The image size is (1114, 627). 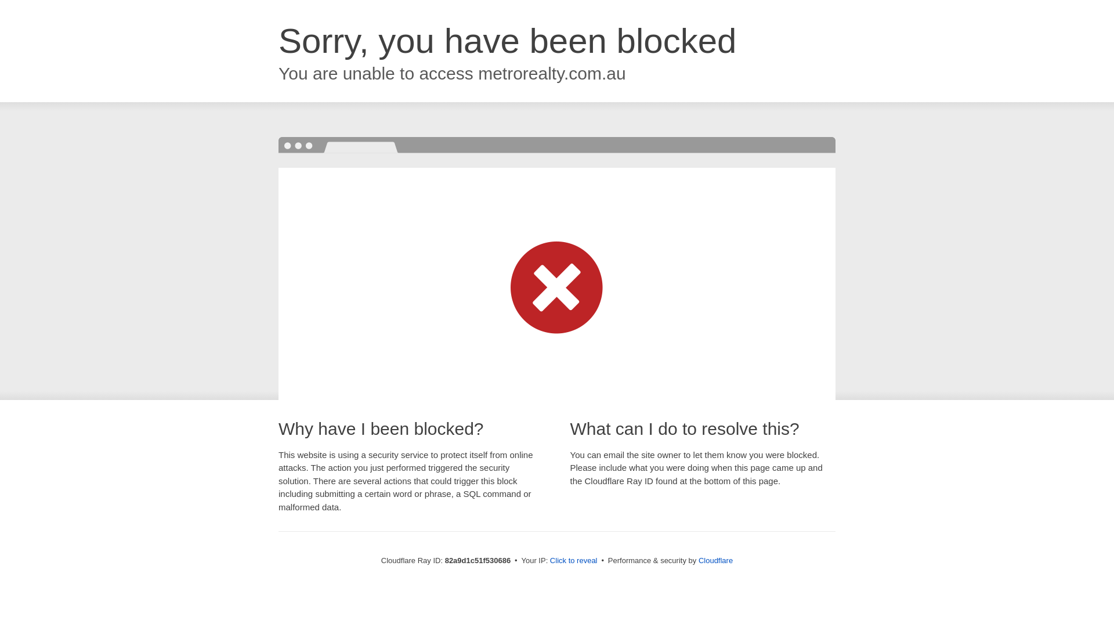 I want to click on 'Click to reveal', so click(x=573, y=560).